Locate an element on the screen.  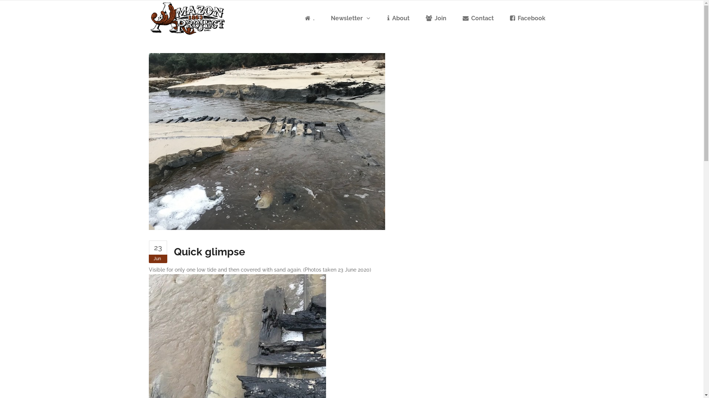
'Join' is located at coordinates (436, 18).